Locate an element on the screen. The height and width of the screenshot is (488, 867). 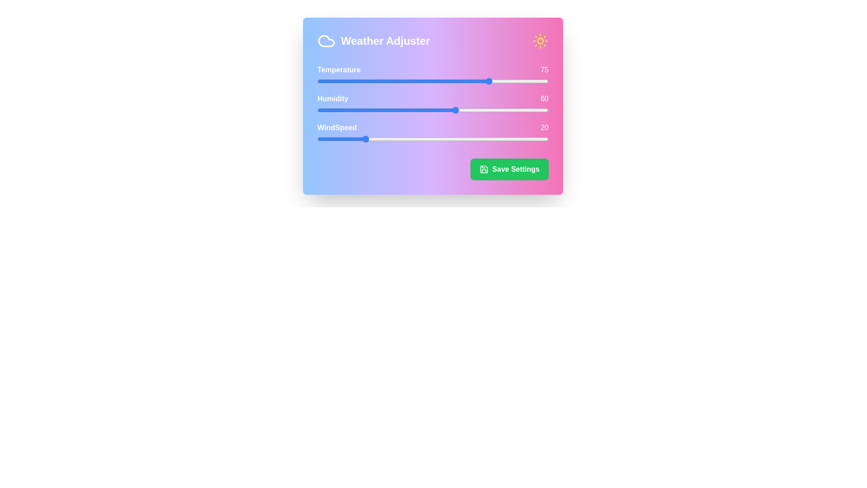
the temperature slider is located at coordinates (461, 81).